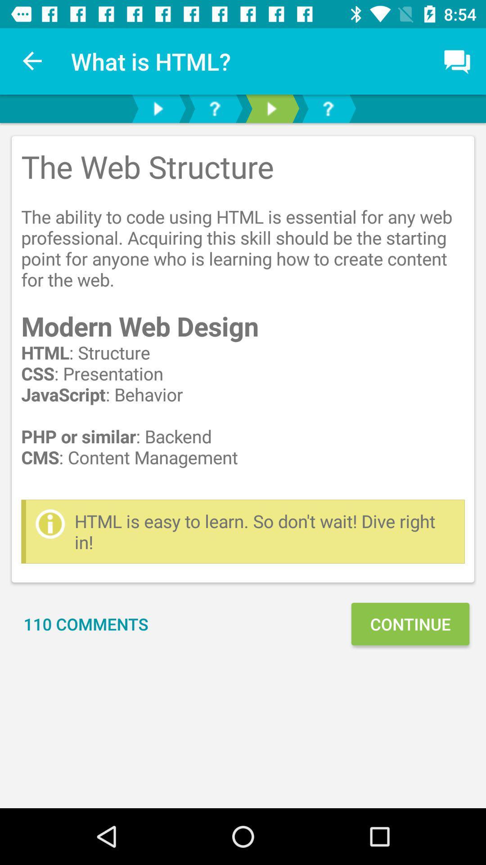 Image resolution: width=486 pixels, height=865 pixels. Describe the element at coordinates (86, 624) in the screenshot. I see `icon to the left of the continue item` at that location.